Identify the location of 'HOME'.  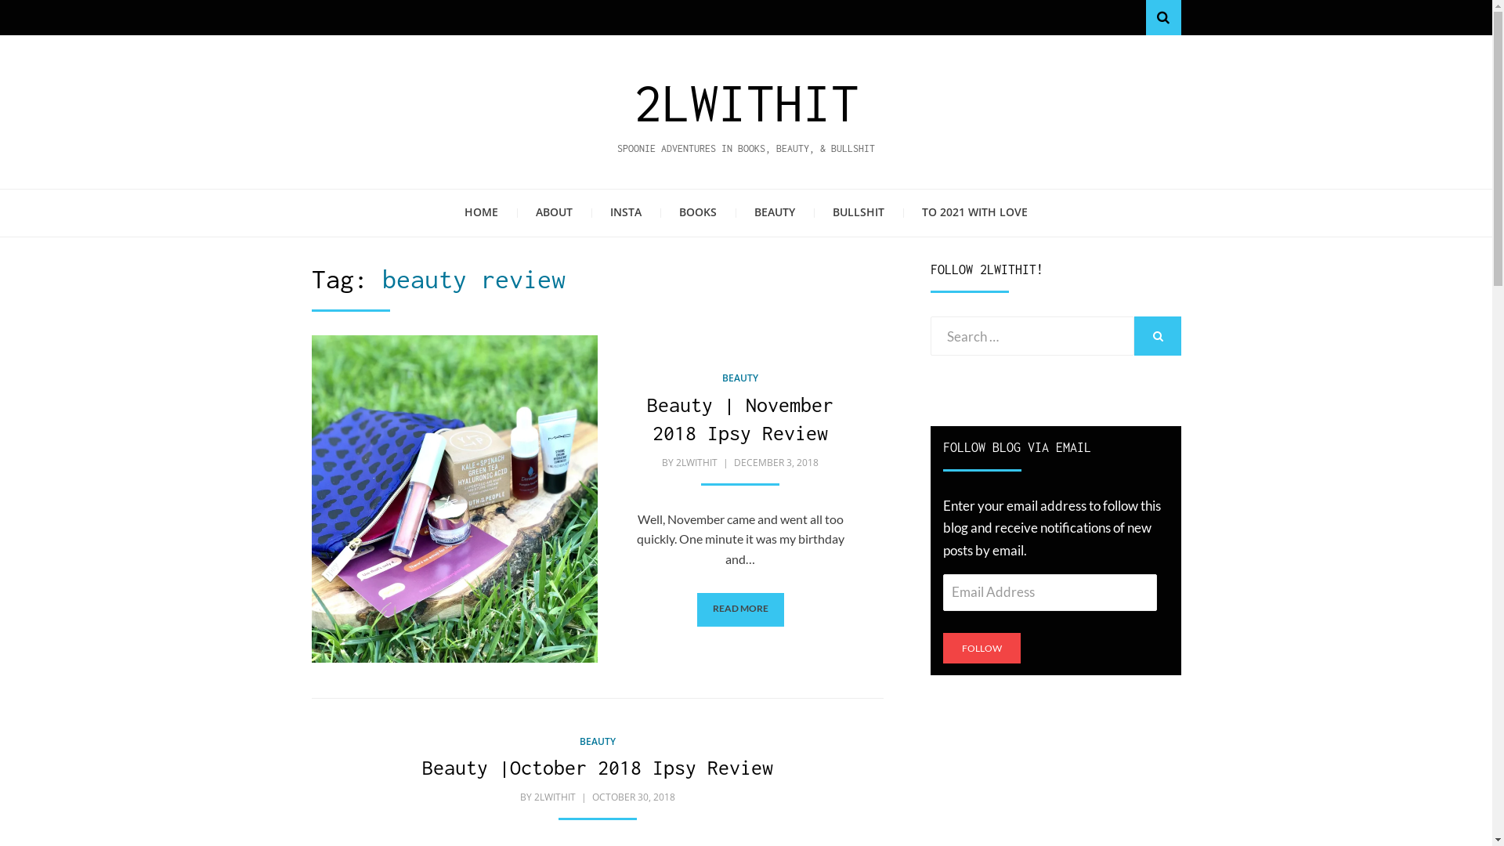
(480, 213).